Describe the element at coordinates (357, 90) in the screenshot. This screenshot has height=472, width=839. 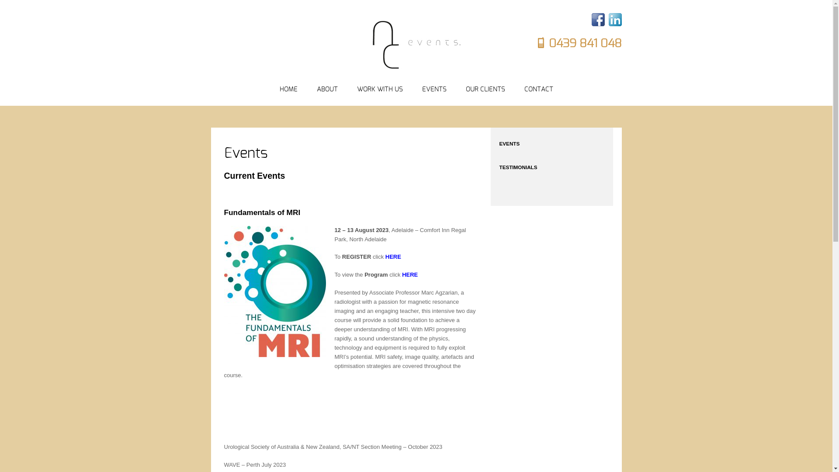
I see `'WORK WITH US'` at that location.